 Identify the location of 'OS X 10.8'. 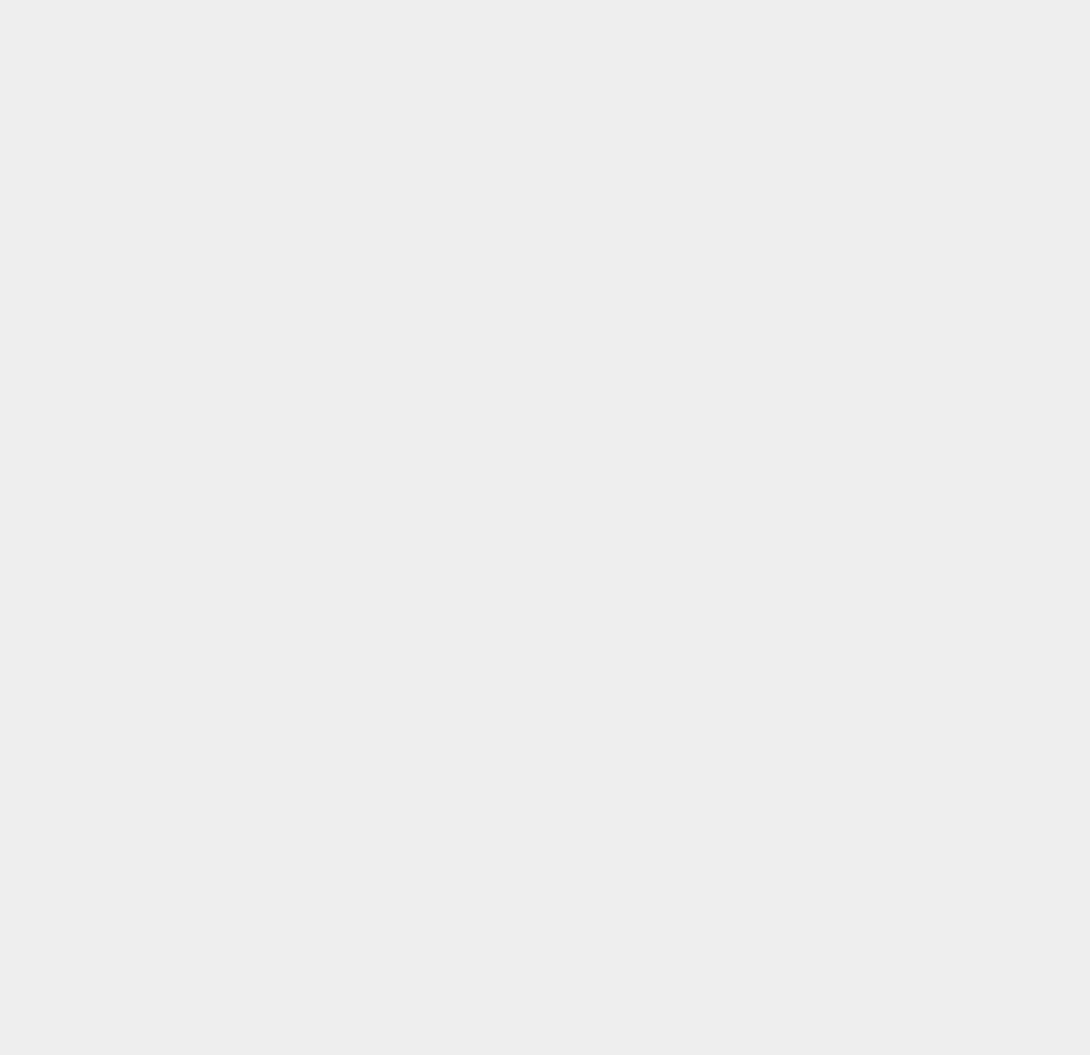
(771, 856).